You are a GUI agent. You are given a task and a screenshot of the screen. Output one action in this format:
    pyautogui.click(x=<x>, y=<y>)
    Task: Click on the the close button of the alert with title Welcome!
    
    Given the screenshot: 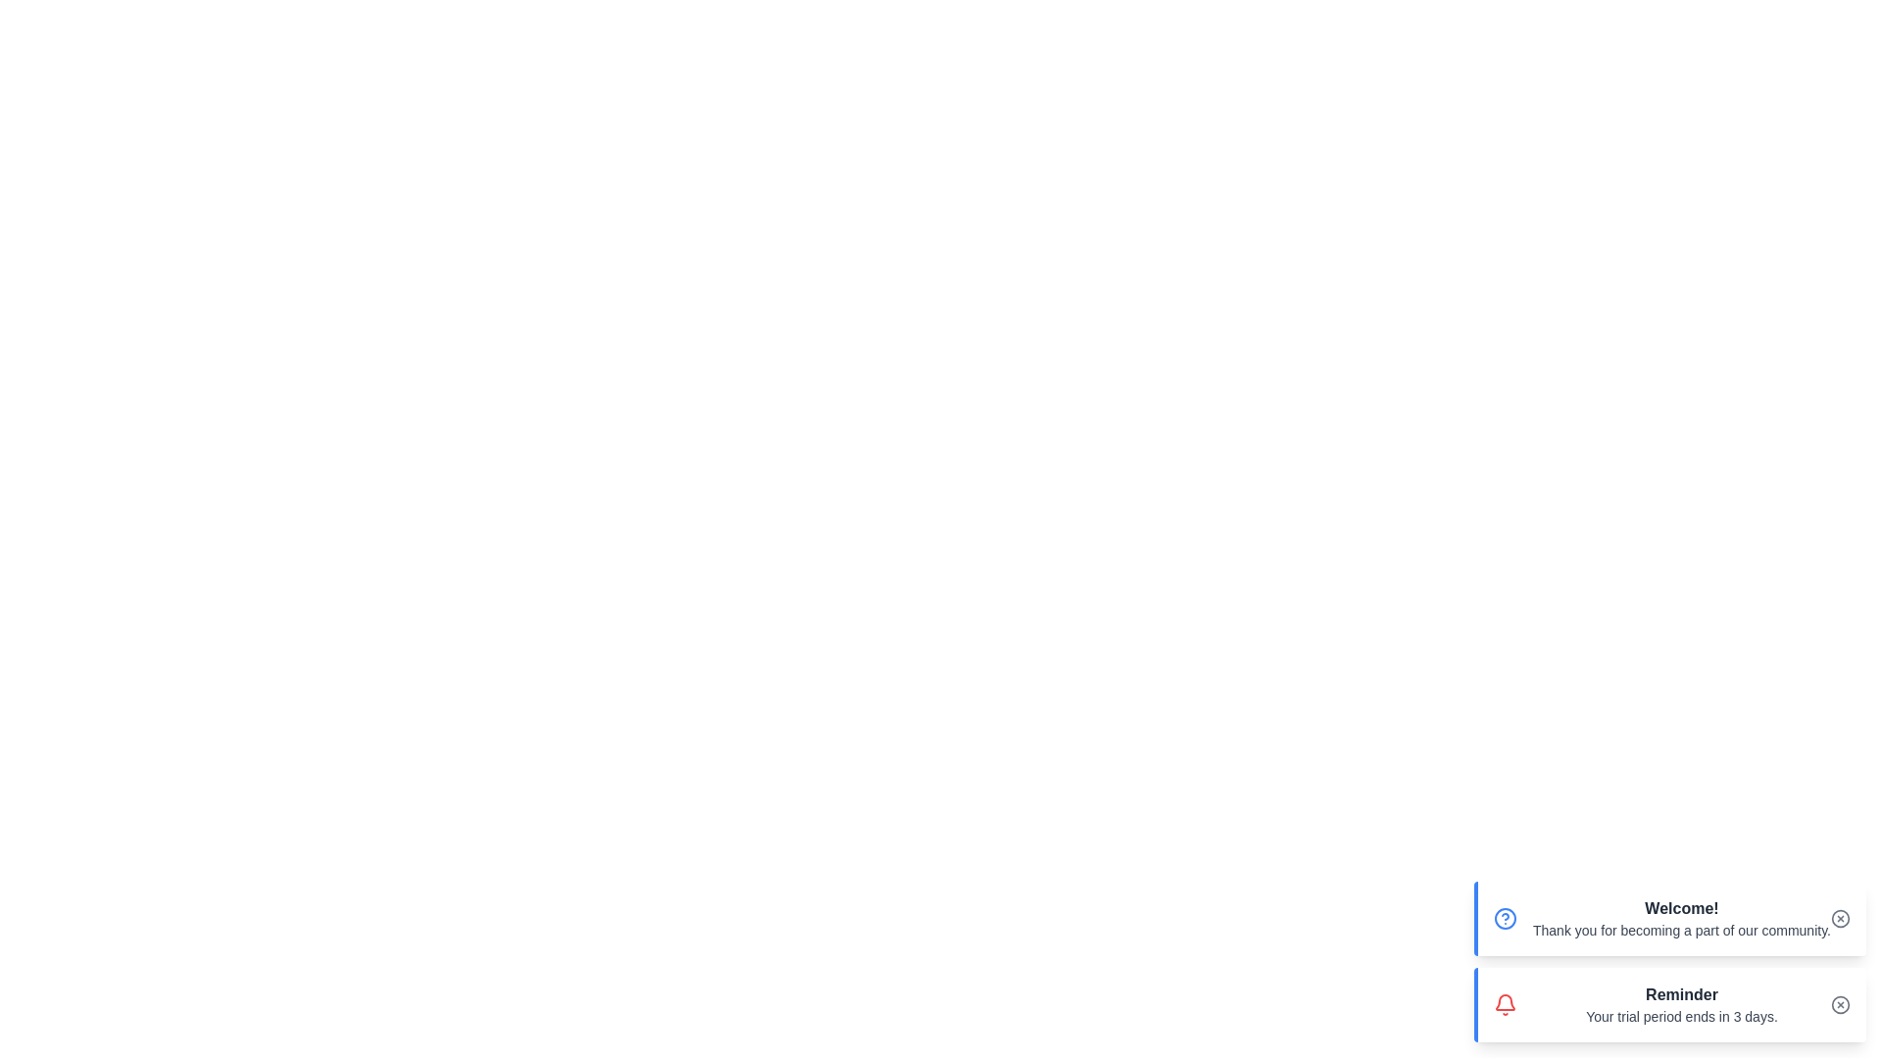 What is the action you would take?
    pyautogui.click(x=1839, y=918)
    